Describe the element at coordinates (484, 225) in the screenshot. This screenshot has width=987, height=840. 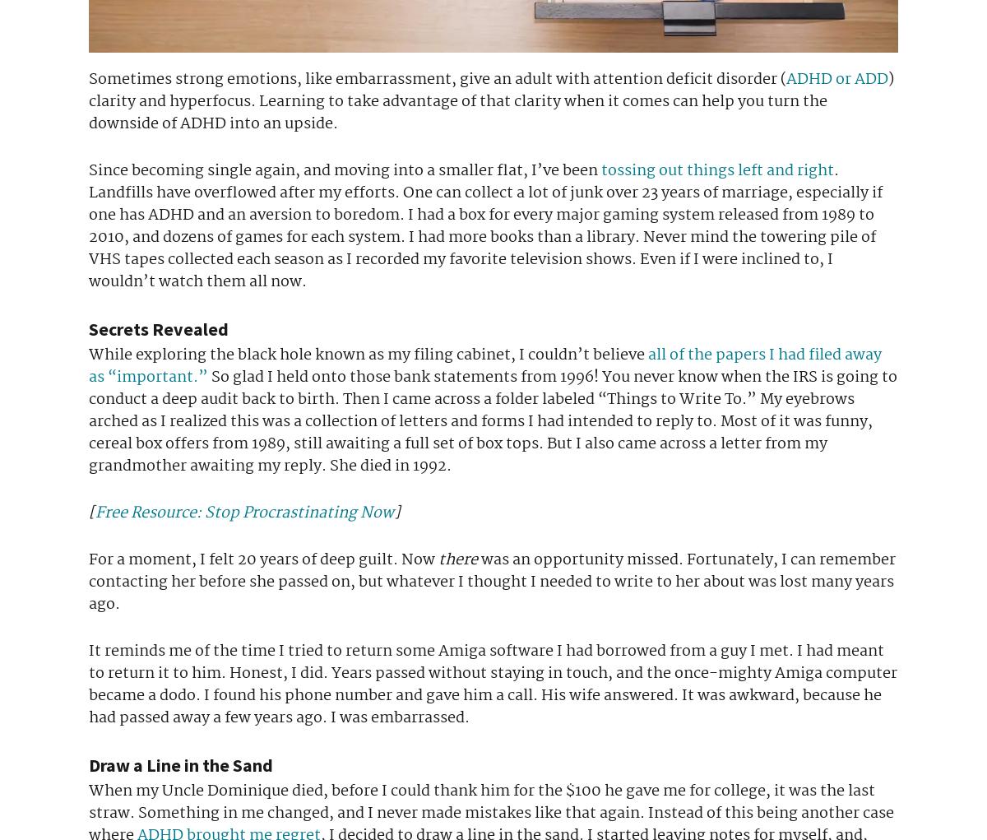
I see `'. Landfills have overflowed after my efforts. One can collect a lot of junk over 23 years of marriage, especially if one has ADHD and an aversion to boredom. I had a box for every major gaming system released from 1989 to 2010, and dozens of games for each system. I had more books than a library. Never mind the towering pile of VHS tapes collected each season as I recorded my favorite television shows. Even if I were inclined to, I wouldn’t watch them all now.'` at that location.